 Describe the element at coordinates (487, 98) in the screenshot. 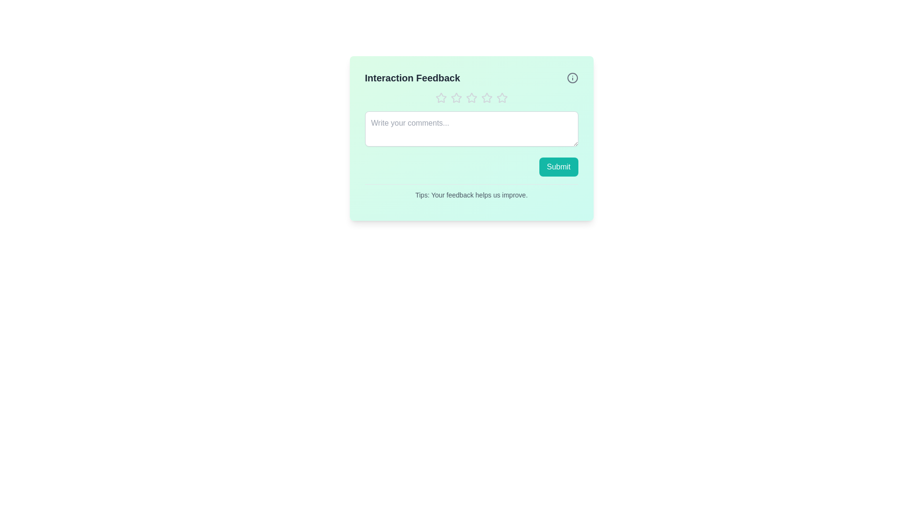

I see `the star corresponding to the desired rating 4` at that location.